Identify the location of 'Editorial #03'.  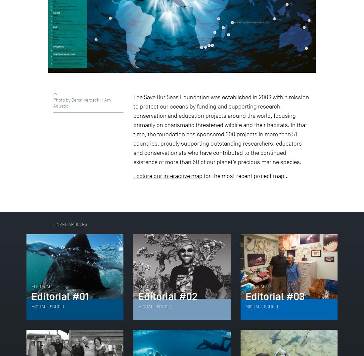
(274, 296).